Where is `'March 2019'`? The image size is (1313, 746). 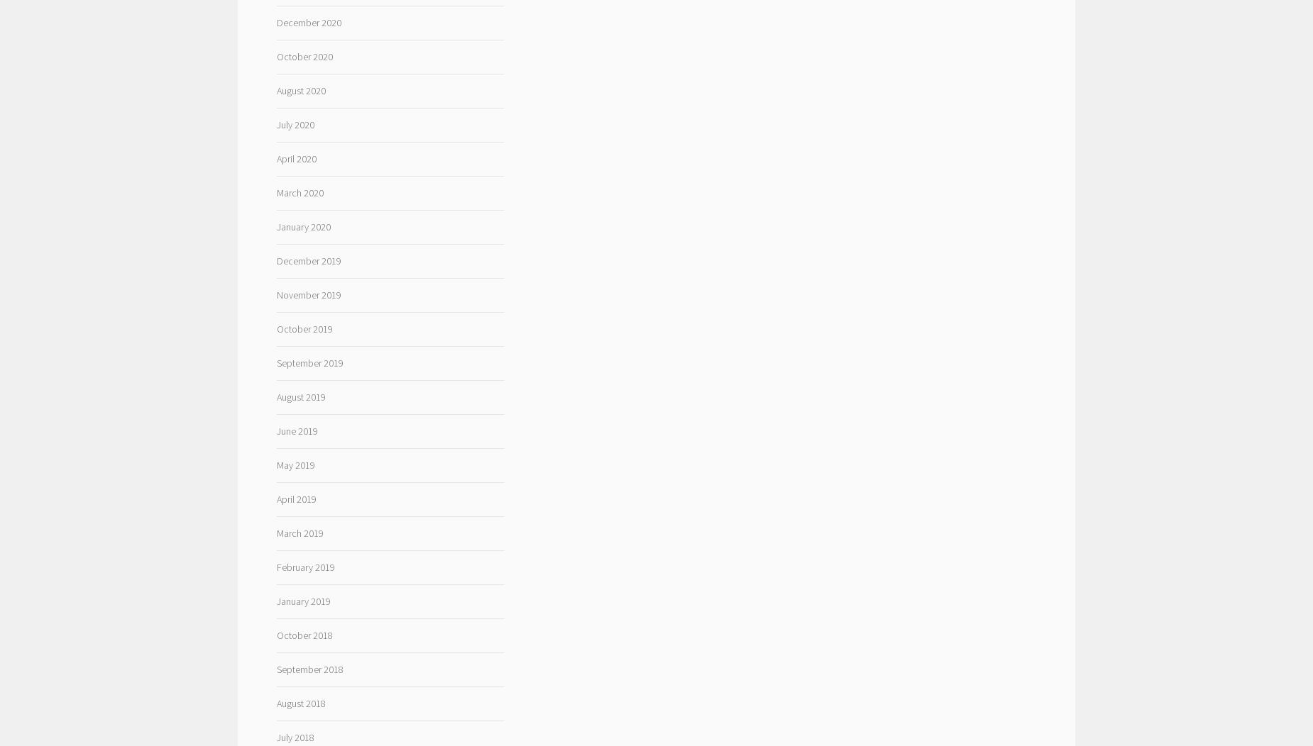 'March 2019' is located at coordinates (298, 532).